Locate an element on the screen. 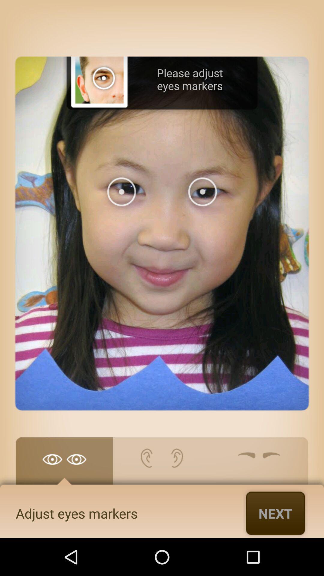  adjust eyes markers is located at coordinates (64, 464).